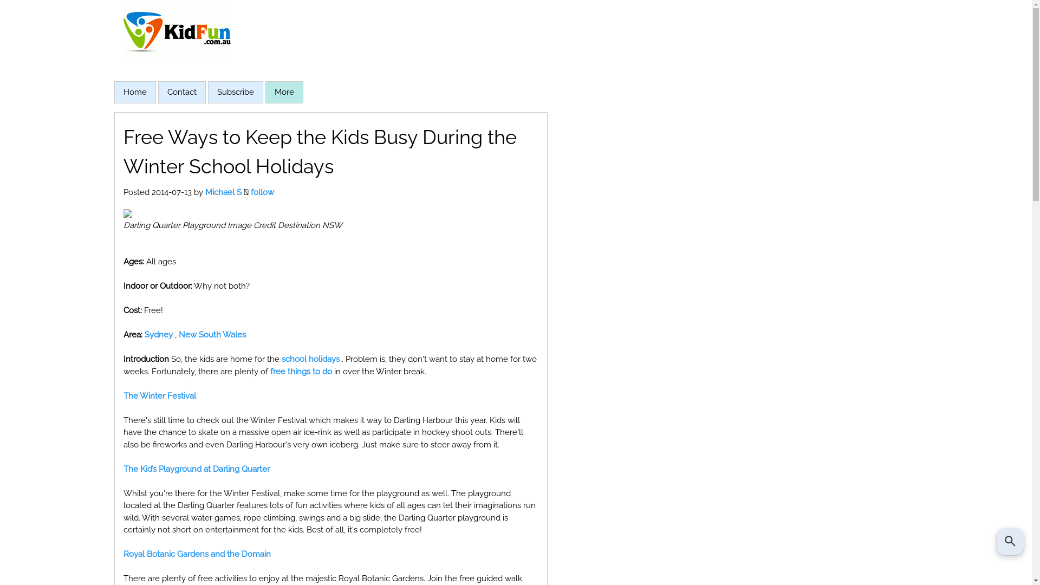 The image size is (1040, 585). What do you see at coordinates (143, 334) in the screenshot?
I see `'Sydney'` at bounding box center [143, 334].